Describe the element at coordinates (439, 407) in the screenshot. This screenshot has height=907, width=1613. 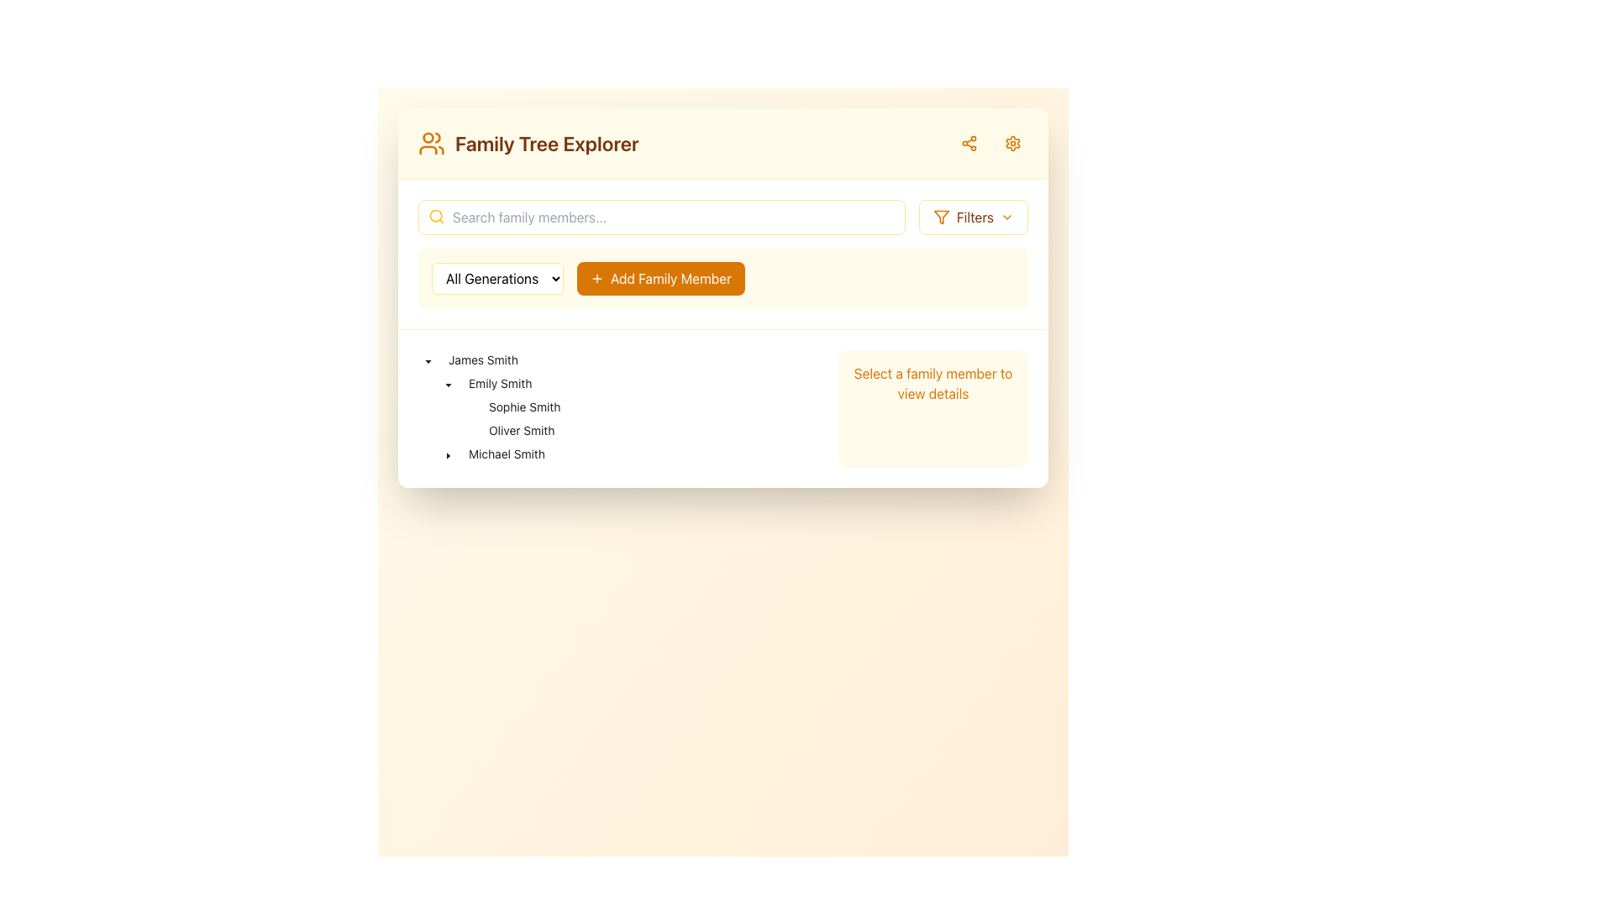
I see `the indentation marker element located in the tree structure before the content of the 'Sophie Smith' node` at that location.